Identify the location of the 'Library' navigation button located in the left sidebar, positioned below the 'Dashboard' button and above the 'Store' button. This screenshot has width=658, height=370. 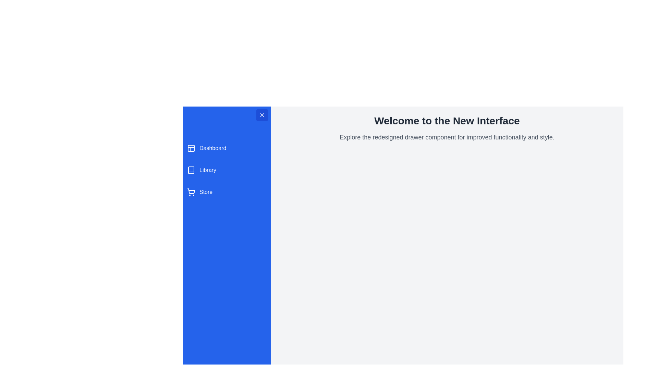
(227, 170).